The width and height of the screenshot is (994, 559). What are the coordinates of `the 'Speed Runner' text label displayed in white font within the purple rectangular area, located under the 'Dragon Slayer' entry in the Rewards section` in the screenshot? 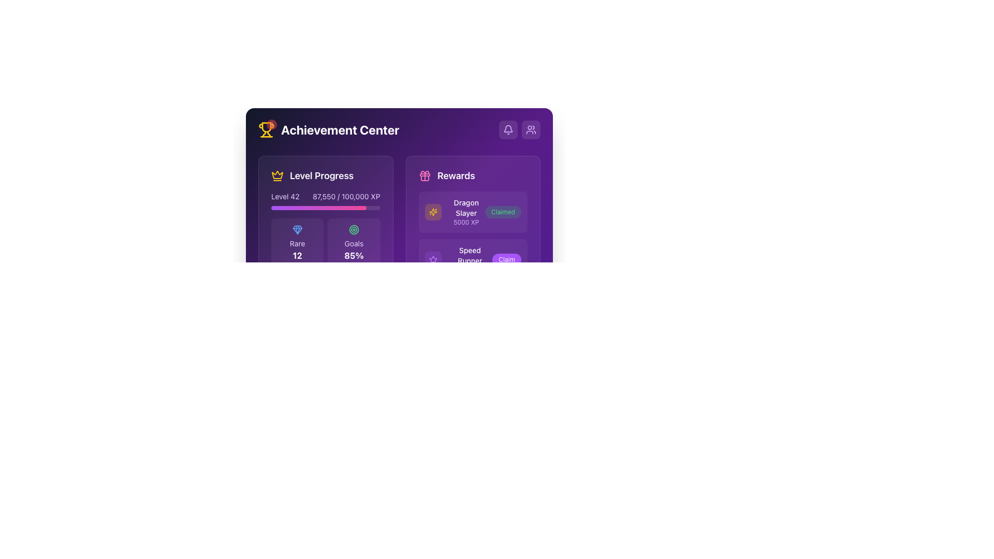 It's located at (469, 255).